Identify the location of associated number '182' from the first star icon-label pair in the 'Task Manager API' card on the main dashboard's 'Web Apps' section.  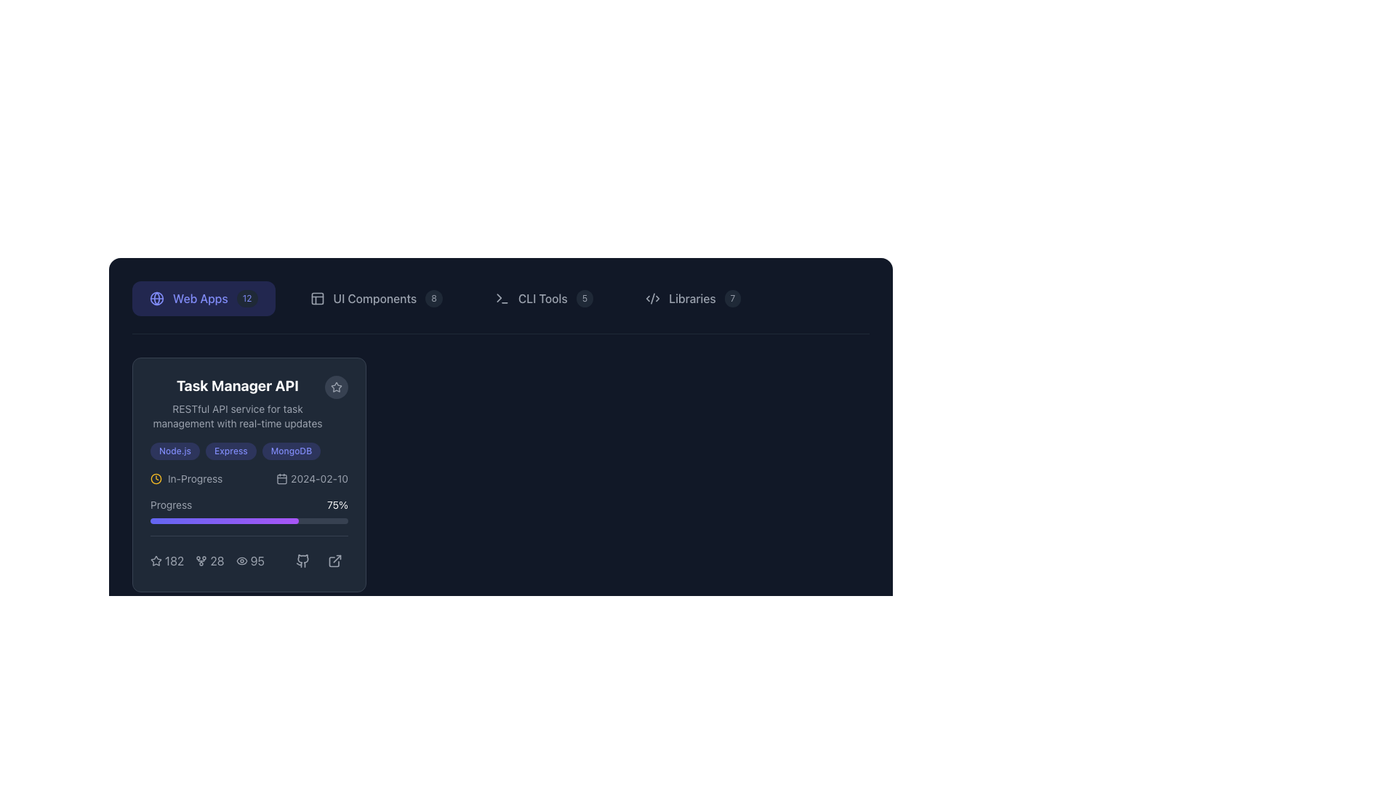
(167, 560).